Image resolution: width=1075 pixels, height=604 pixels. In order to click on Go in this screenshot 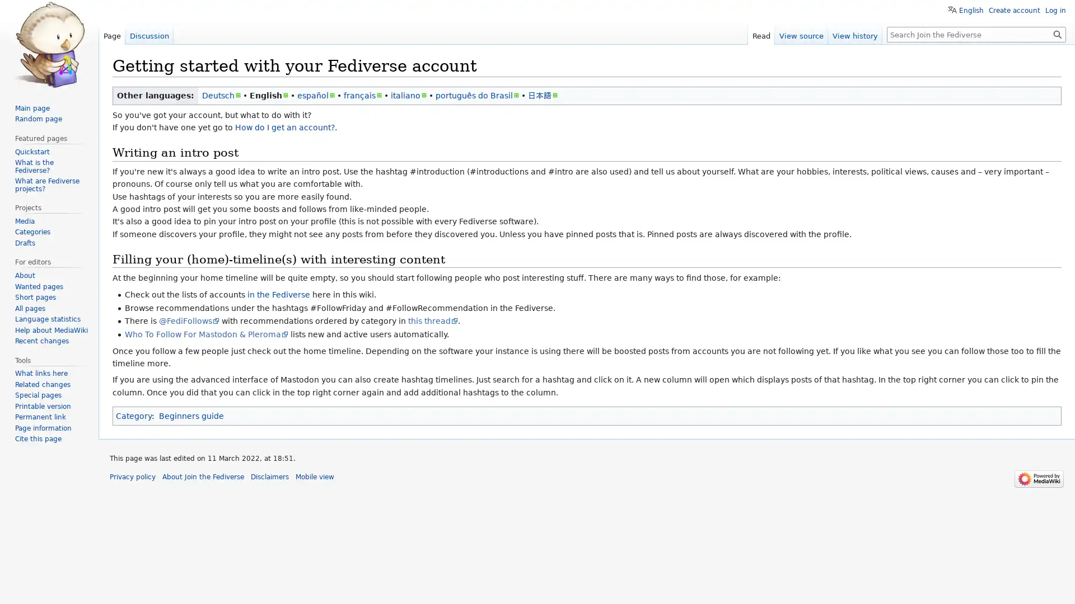, I will do `click(1057, 34)`.